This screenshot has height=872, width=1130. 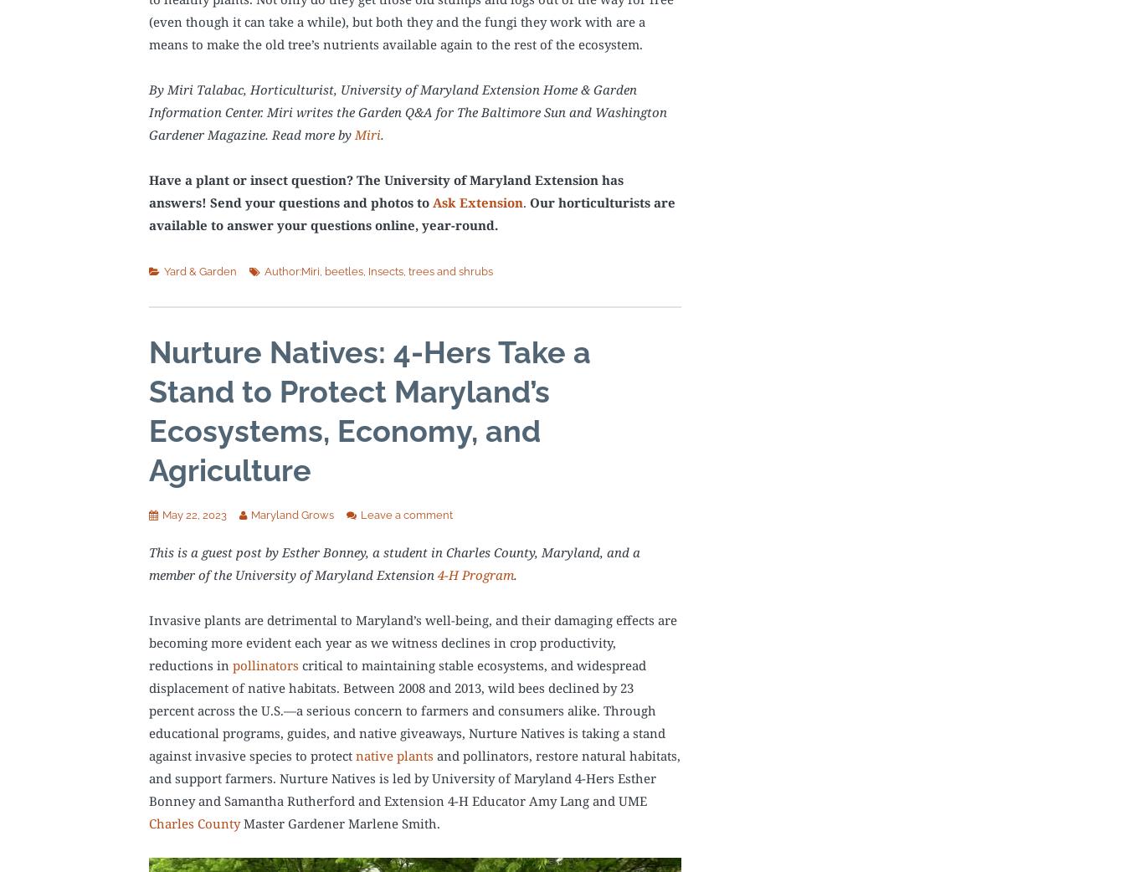 I want to click on 'May 22, 2023', so click(x=162, y=514).